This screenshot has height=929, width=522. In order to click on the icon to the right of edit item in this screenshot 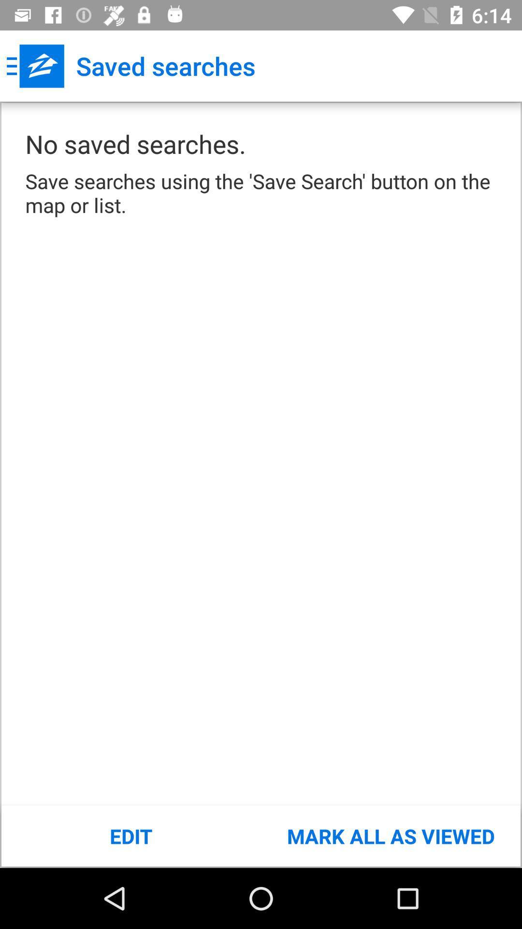, I will do `click(390, 836)`.